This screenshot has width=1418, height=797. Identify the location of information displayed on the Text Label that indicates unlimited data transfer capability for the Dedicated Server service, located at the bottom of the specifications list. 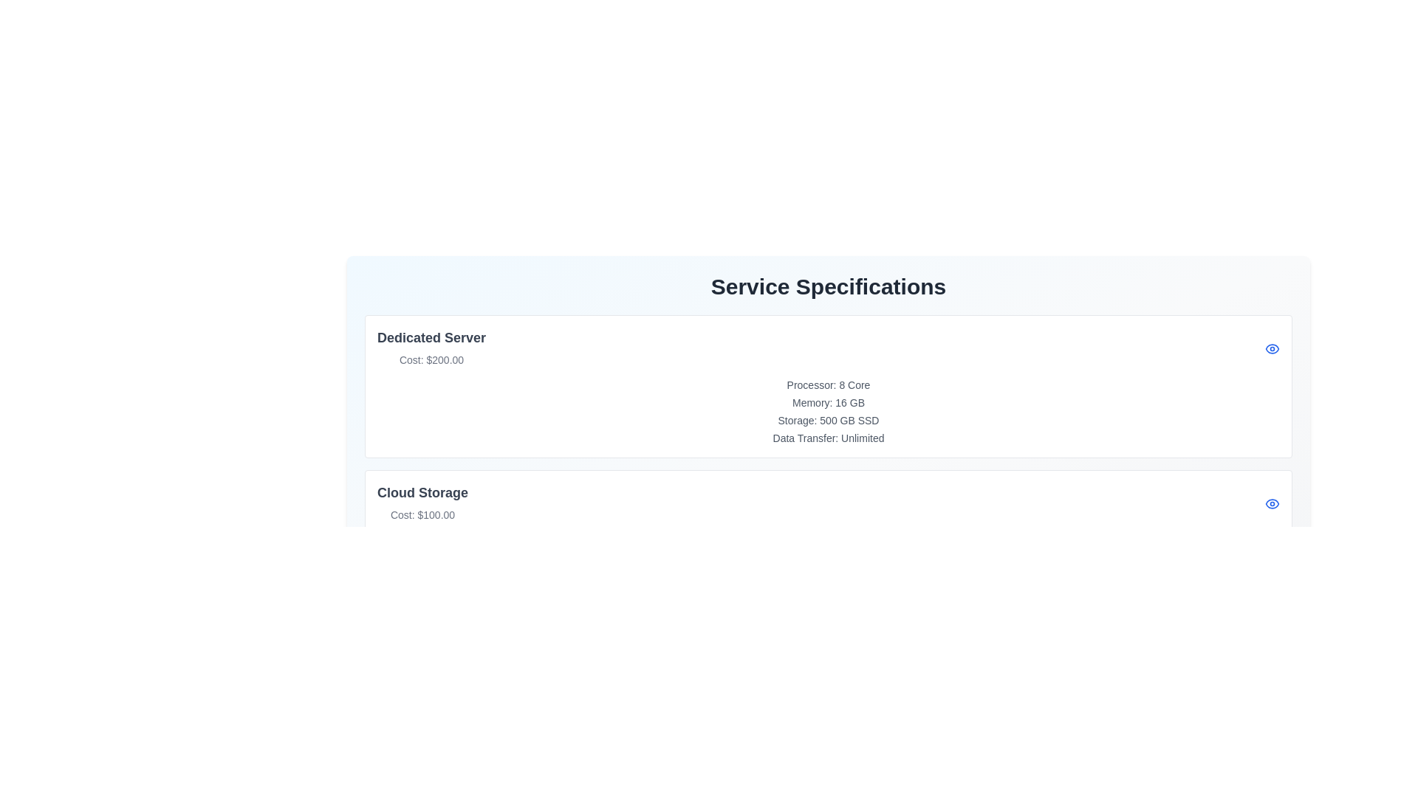
(829, 438).